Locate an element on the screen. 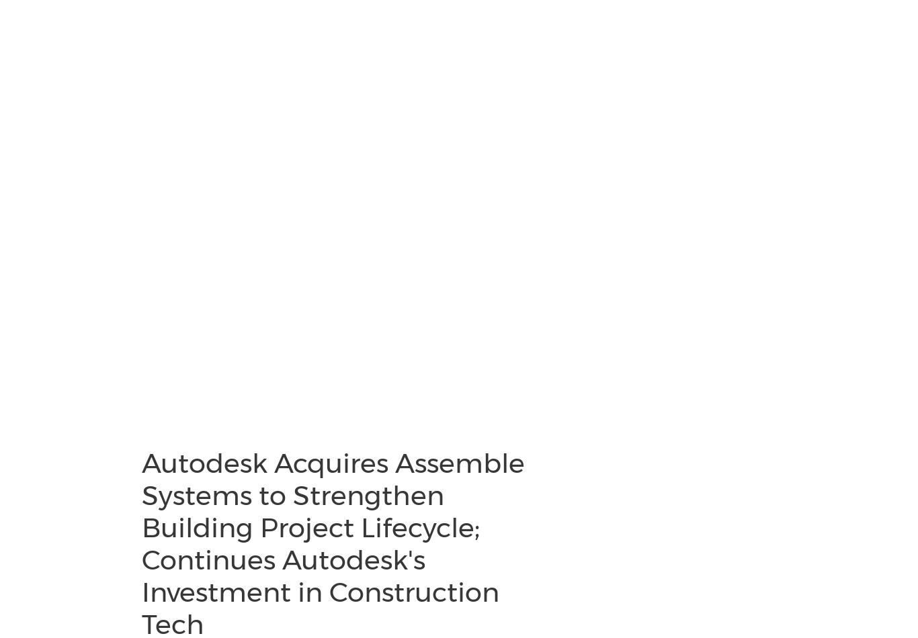 The image size is (918, 638). 'Partnerships' is located at coordinates (54, 295).